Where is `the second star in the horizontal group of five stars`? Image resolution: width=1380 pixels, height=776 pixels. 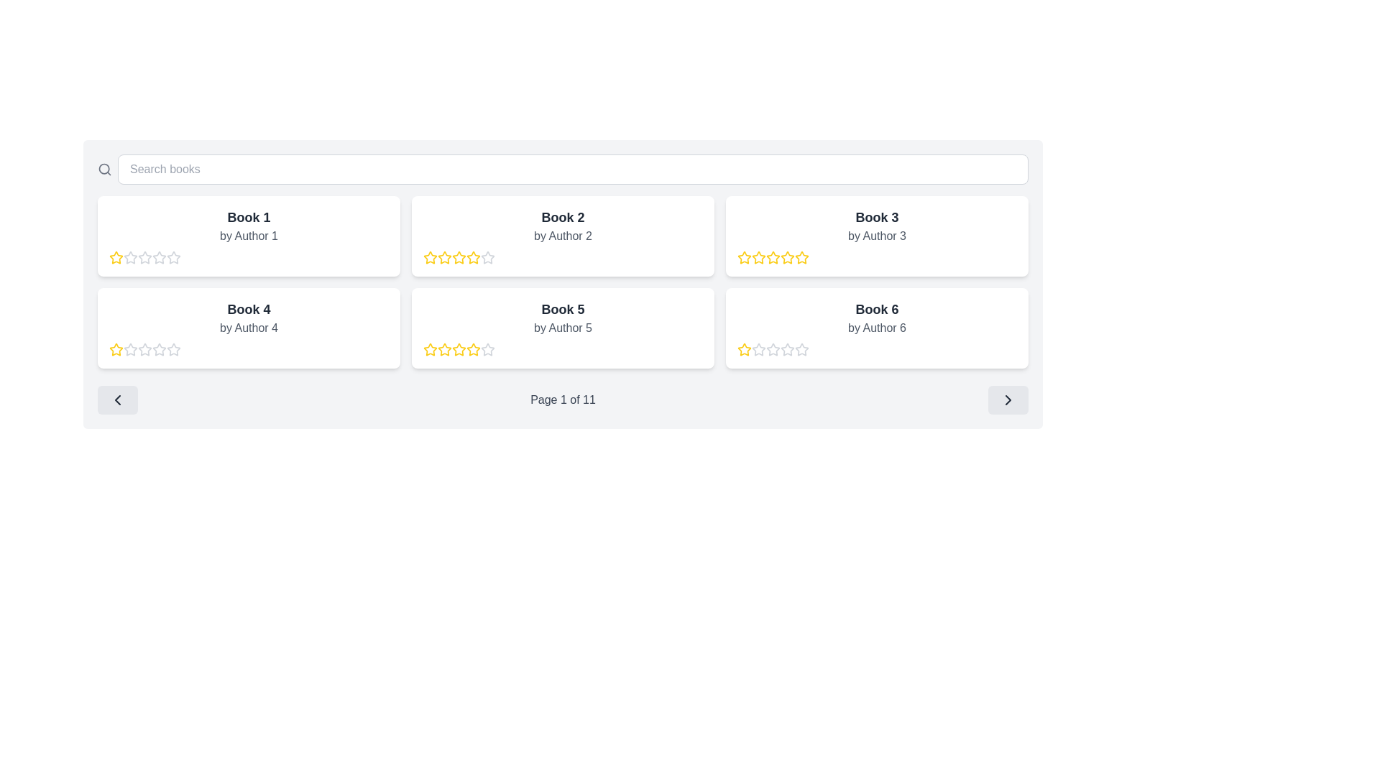
the second star in the horizontal group of five stars is located at coordinates (758, 349).